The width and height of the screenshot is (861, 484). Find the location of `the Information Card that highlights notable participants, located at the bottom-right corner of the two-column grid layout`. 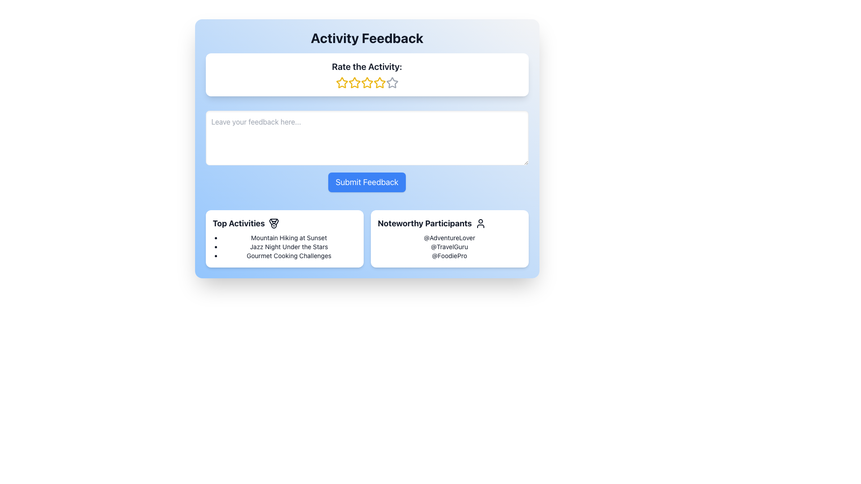

the Information Card that highlights notable participants, located at the bottom-right corner of the two-column grid layout is located at coordinates (449, 238).